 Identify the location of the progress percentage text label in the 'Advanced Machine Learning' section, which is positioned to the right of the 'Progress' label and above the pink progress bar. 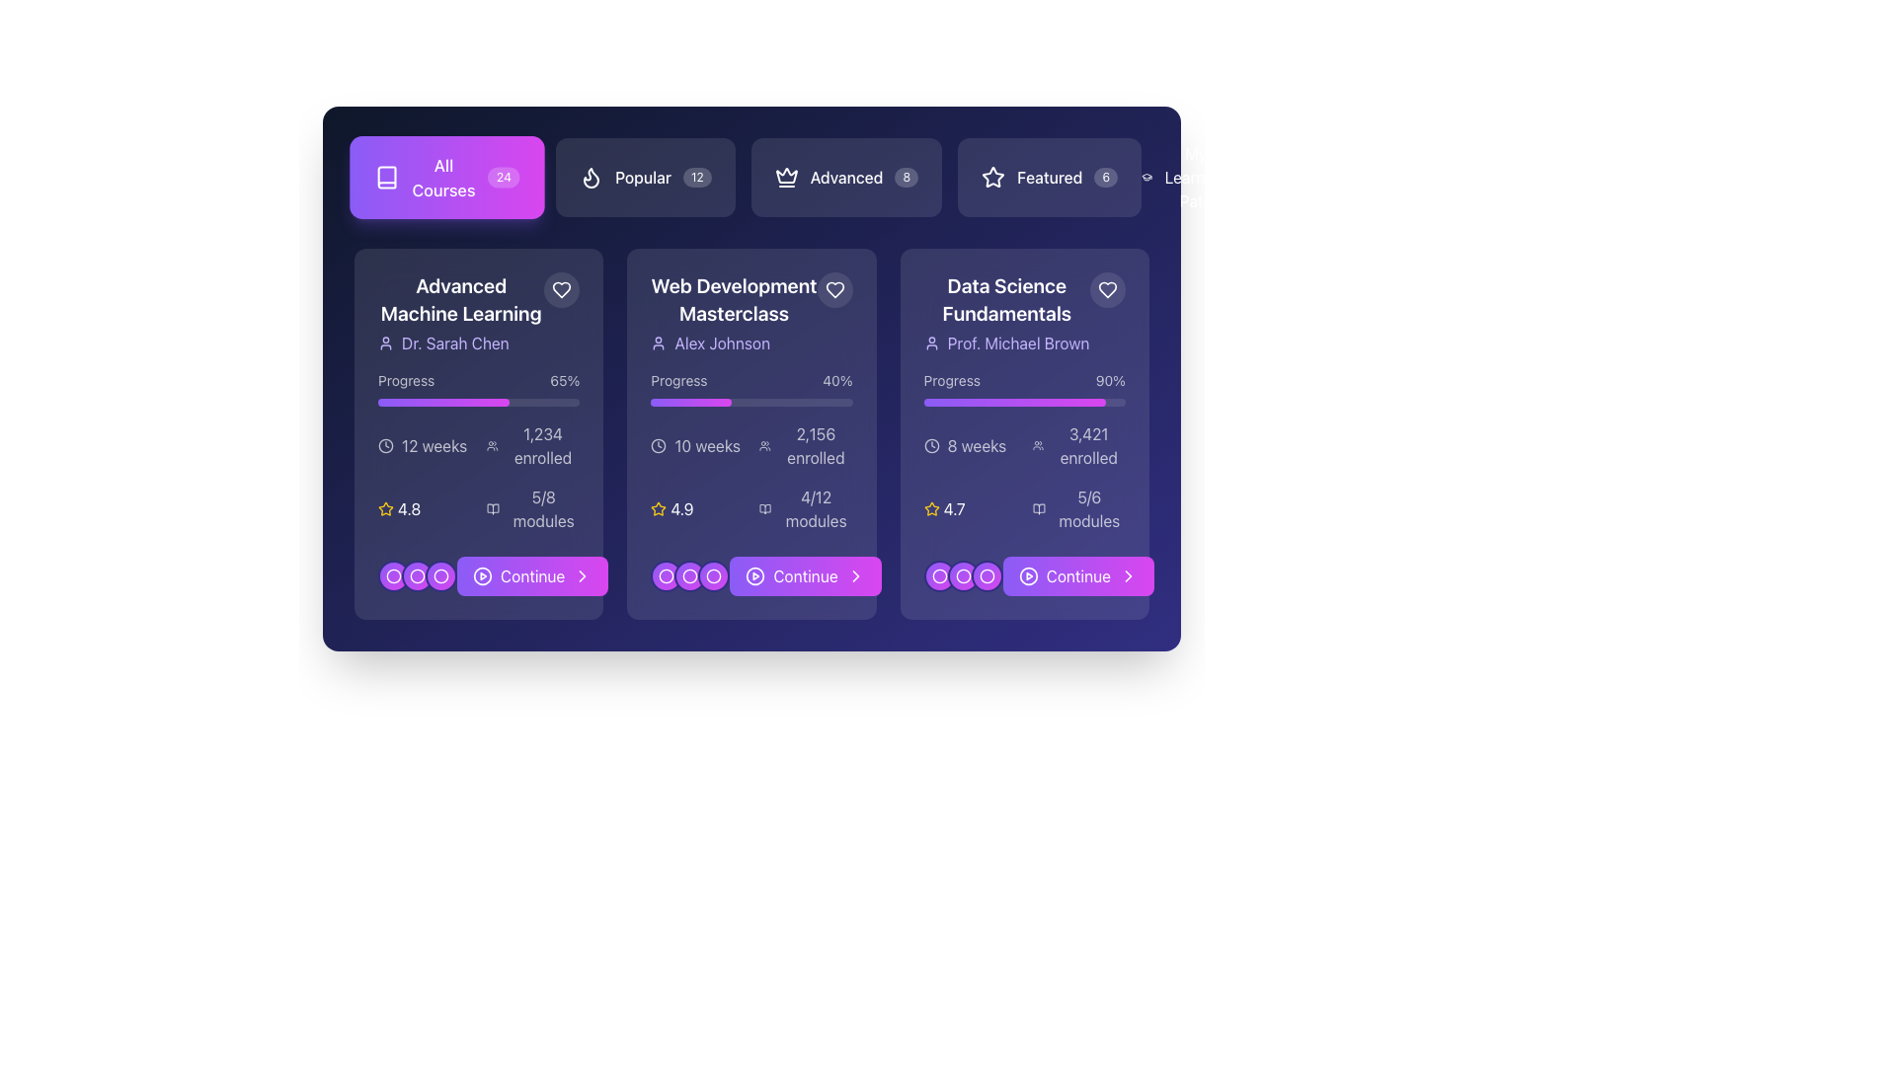
(564, 380).